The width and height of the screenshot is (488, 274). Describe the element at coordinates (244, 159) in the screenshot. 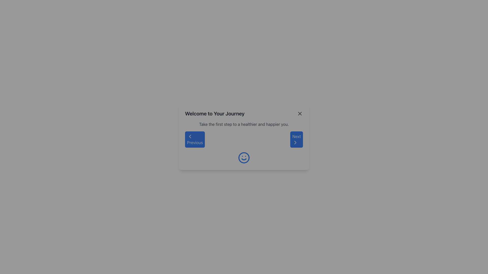

I see `the curved line representing the smiling mouth within the circular smiley face icon located at the central lower region of the modal window` at that location.